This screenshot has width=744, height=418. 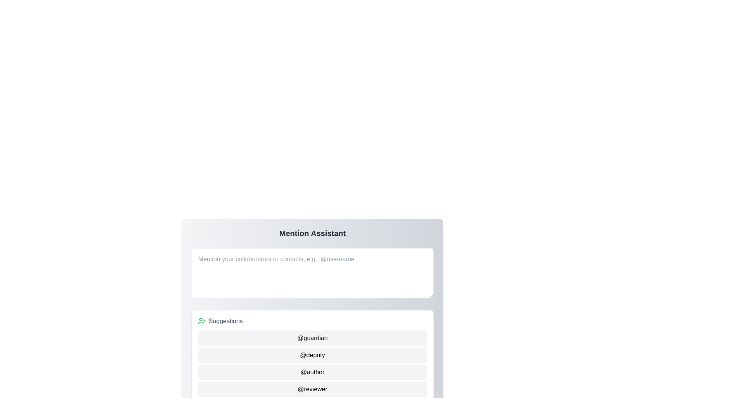 What do you see at coordinates (312, 356) in the screenshot?
I see `individual list items in the 'Suggestions' section of the Mention Assistant, which displays a list of usernames styled in light gray rectangular cards` at bounding box center [312, 356].